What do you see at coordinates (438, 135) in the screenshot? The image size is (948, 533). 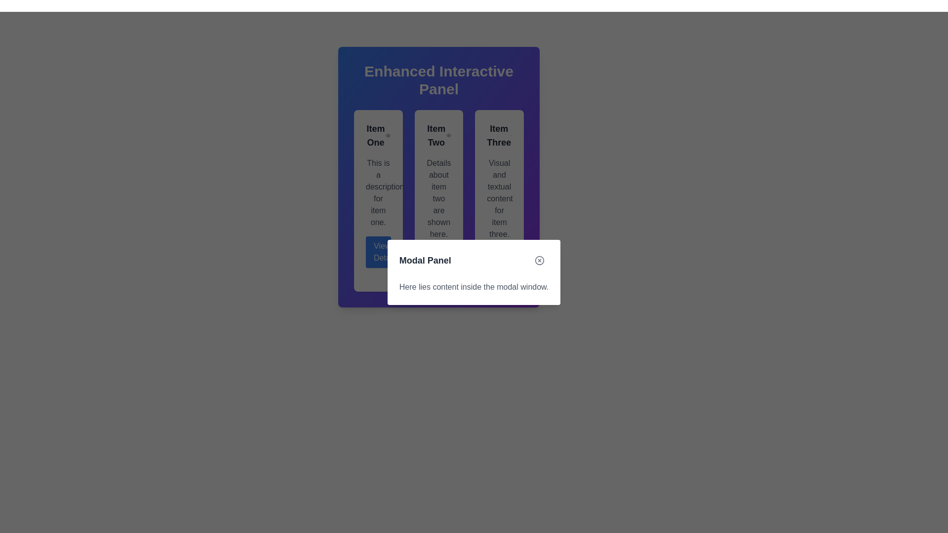 I see `the Label with Icon that serves as a title or header for its associated panel, located at the topmost position above the description text and 'View Details' button` at bounding box center [438, 135].